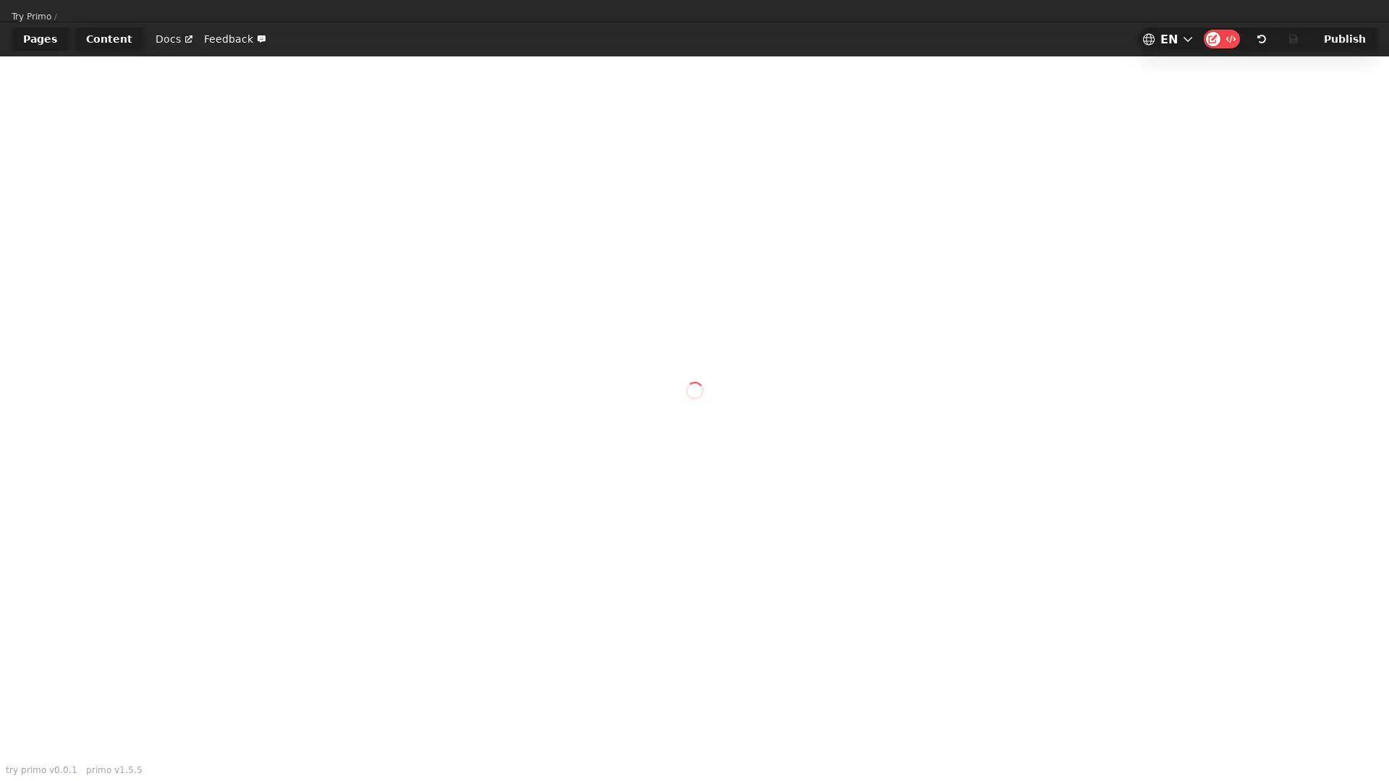  What do you see at coordinates (1167, 38) in the screenshot?
I see `EN` at bounding box center [1167, 38].